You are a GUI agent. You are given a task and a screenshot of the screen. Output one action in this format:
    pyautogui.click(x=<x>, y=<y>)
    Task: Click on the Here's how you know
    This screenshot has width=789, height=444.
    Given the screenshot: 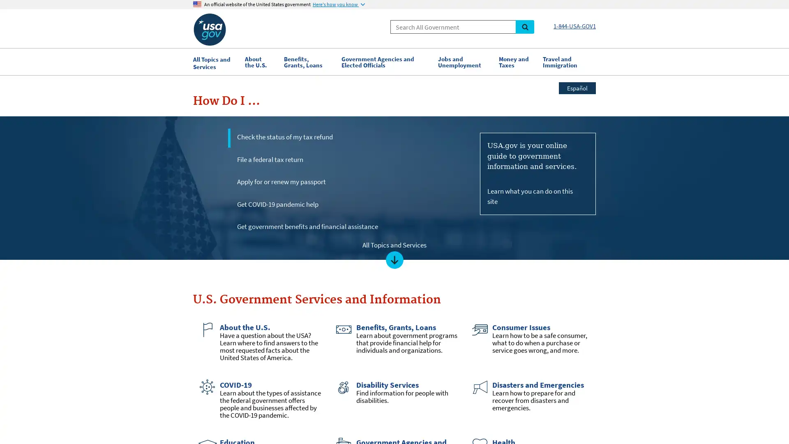 What is the action you would take?
    pyautogui.click(x=339, y=5)
    